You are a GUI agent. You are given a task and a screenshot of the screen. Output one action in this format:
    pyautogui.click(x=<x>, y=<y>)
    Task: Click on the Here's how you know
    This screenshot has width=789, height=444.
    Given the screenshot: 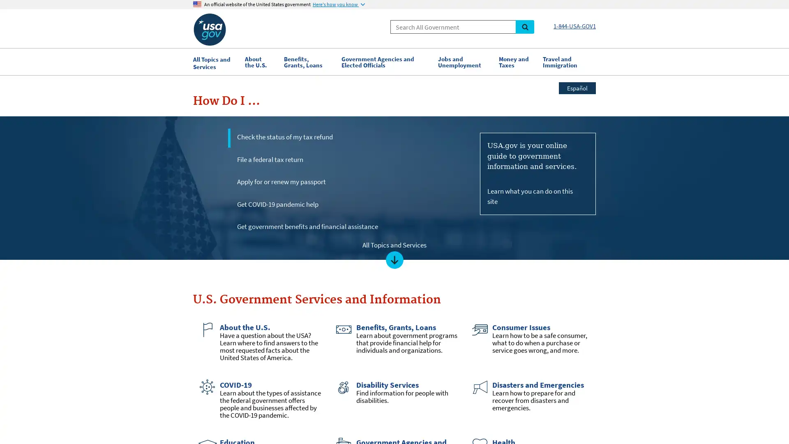 What is the action you would take?
    pyautogui.click(x=339, y=5)
    